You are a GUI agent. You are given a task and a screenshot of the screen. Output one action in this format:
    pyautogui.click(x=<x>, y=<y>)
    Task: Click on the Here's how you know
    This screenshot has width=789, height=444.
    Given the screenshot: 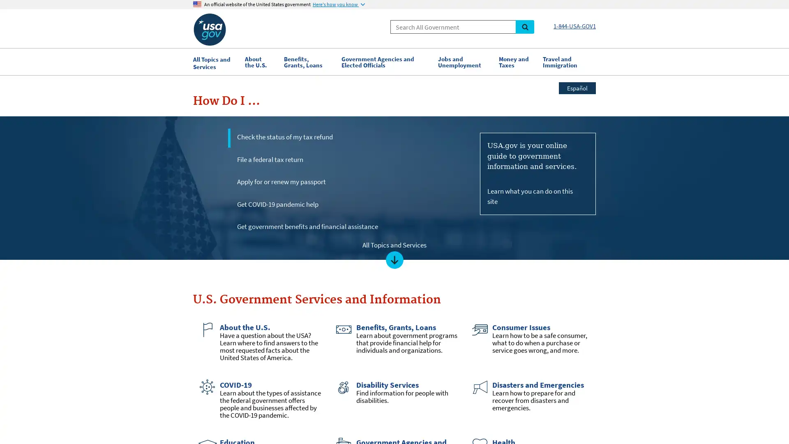 What is the action you would take?
    pyautogui.click(x=339, y=5)
    